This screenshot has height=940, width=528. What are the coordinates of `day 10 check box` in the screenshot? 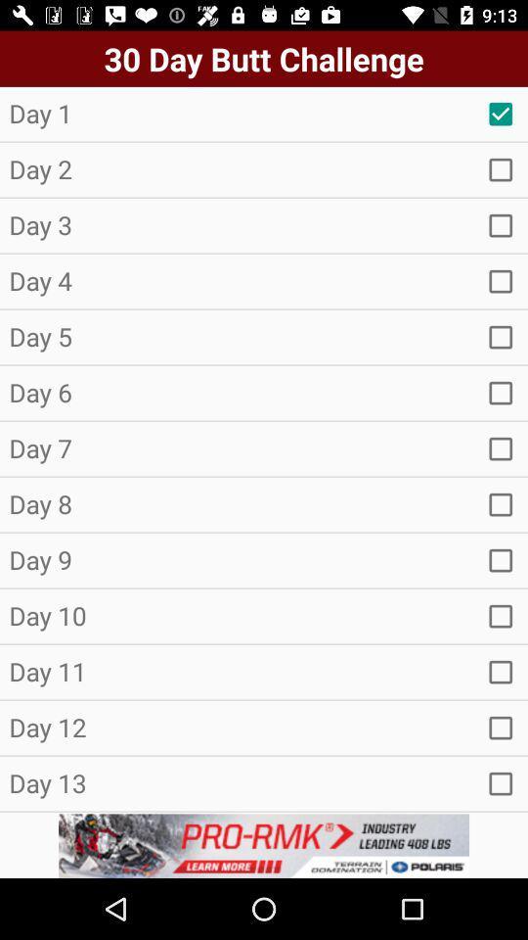 It's located at (501, 615).